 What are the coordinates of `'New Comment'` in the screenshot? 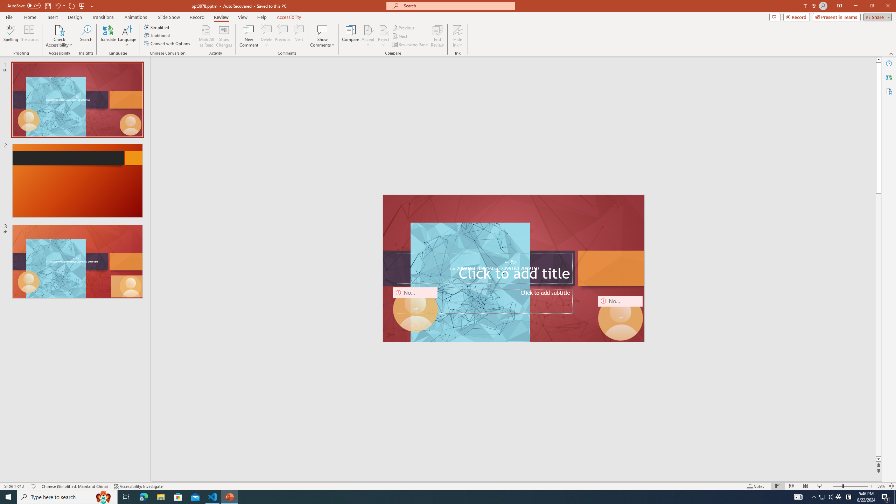 It's located at (248, 36).